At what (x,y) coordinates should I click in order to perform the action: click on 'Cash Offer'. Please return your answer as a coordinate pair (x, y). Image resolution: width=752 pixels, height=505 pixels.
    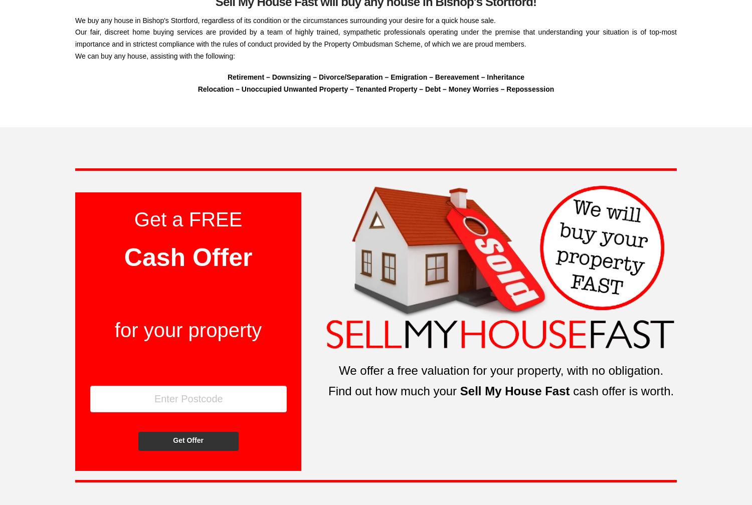
    Looking at the image, I should click on (123, 257).